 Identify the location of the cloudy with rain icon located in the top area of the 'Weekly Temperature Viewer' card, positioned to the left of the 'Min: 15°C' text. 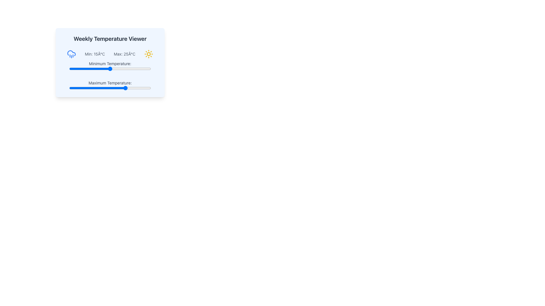
(71, 54).